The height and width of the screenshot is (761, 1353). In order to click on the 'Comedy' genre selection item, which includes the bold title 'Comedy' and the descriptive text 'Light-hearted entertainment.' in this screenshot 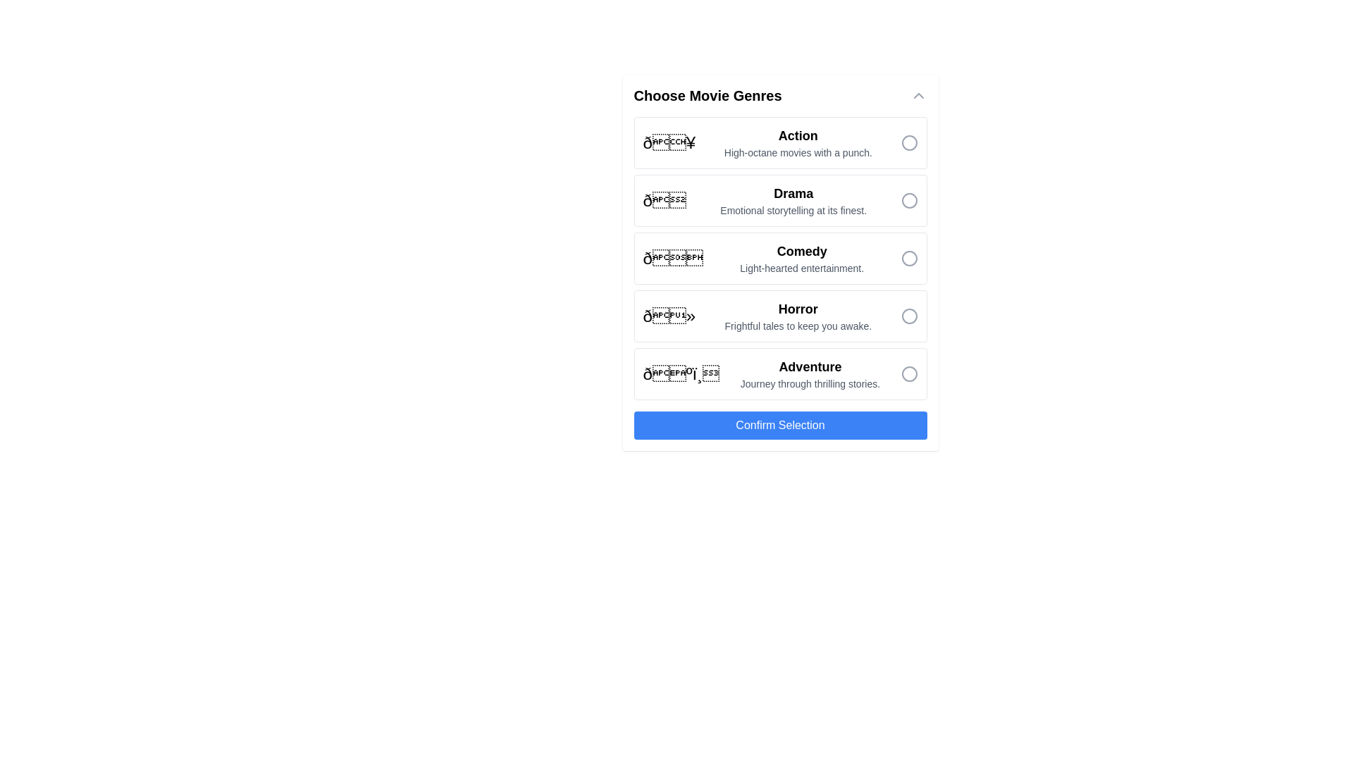, I will do `click(779, 258)`.